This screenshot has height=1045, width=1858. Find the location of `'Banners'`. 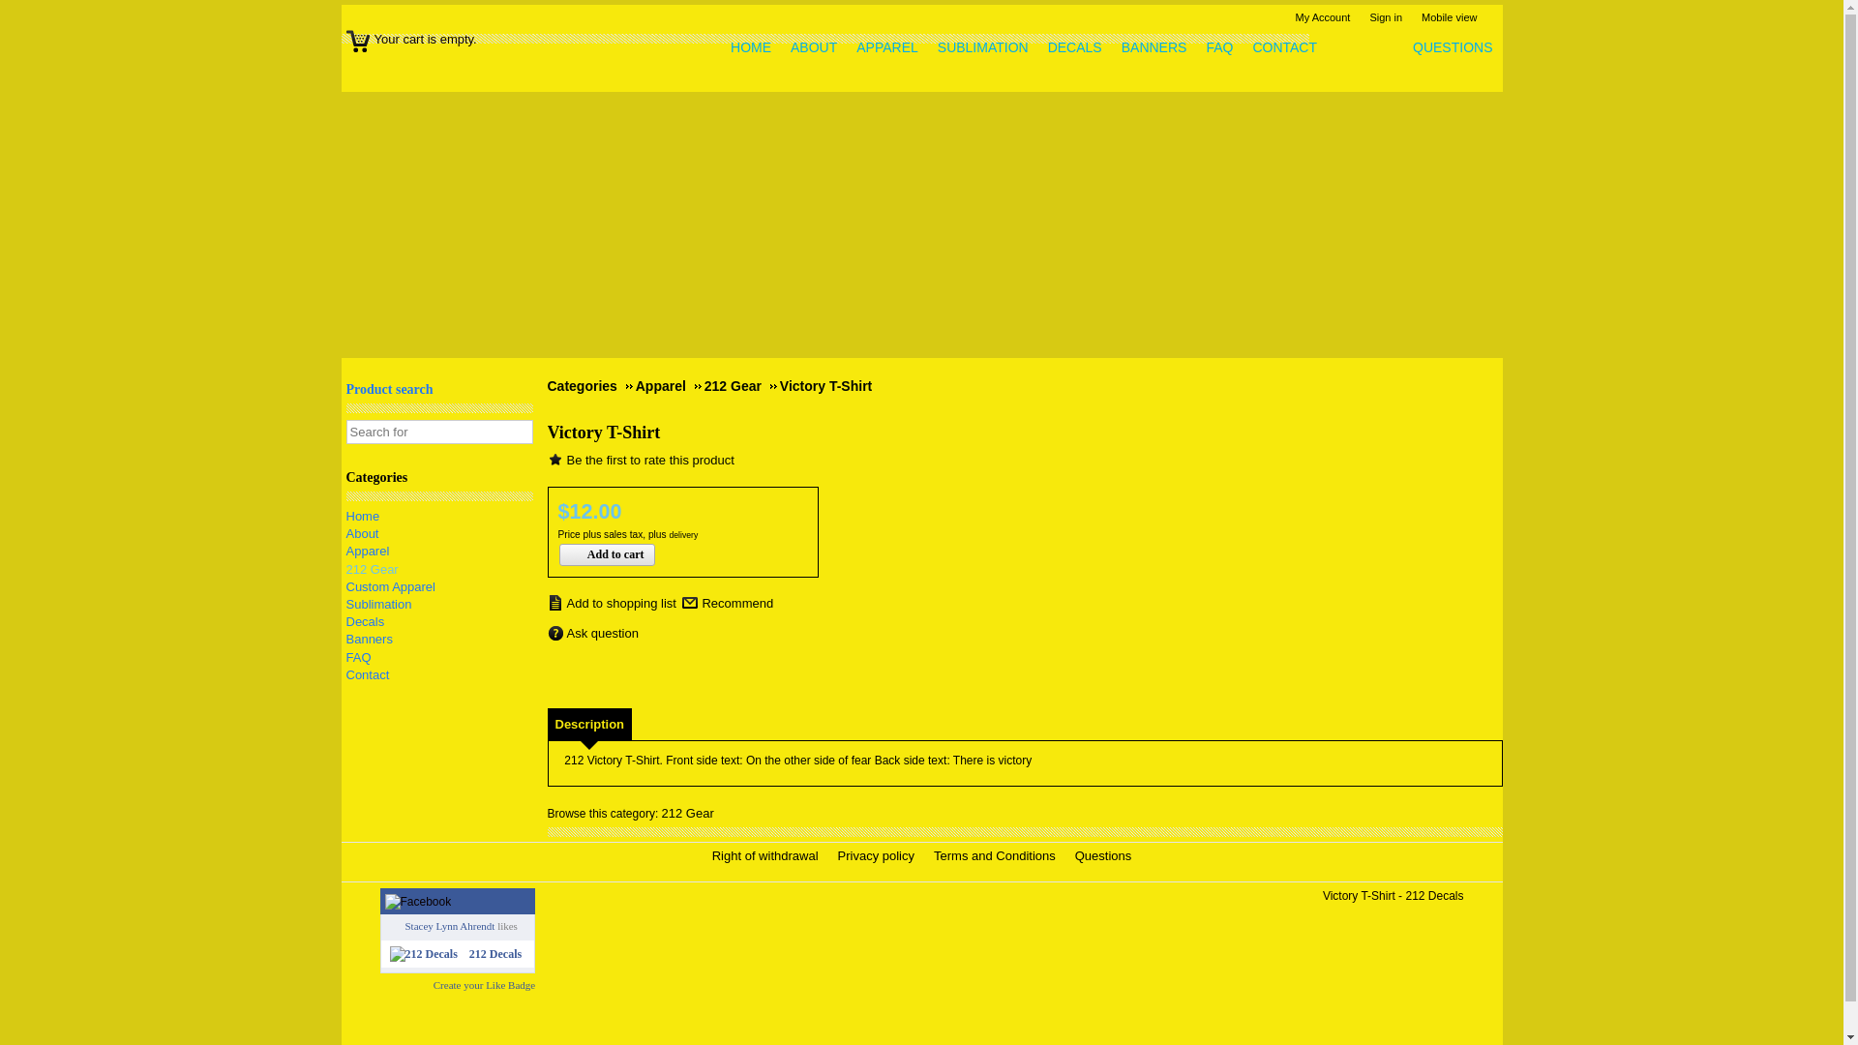

'Banners' is located at coordinates (370, 639).